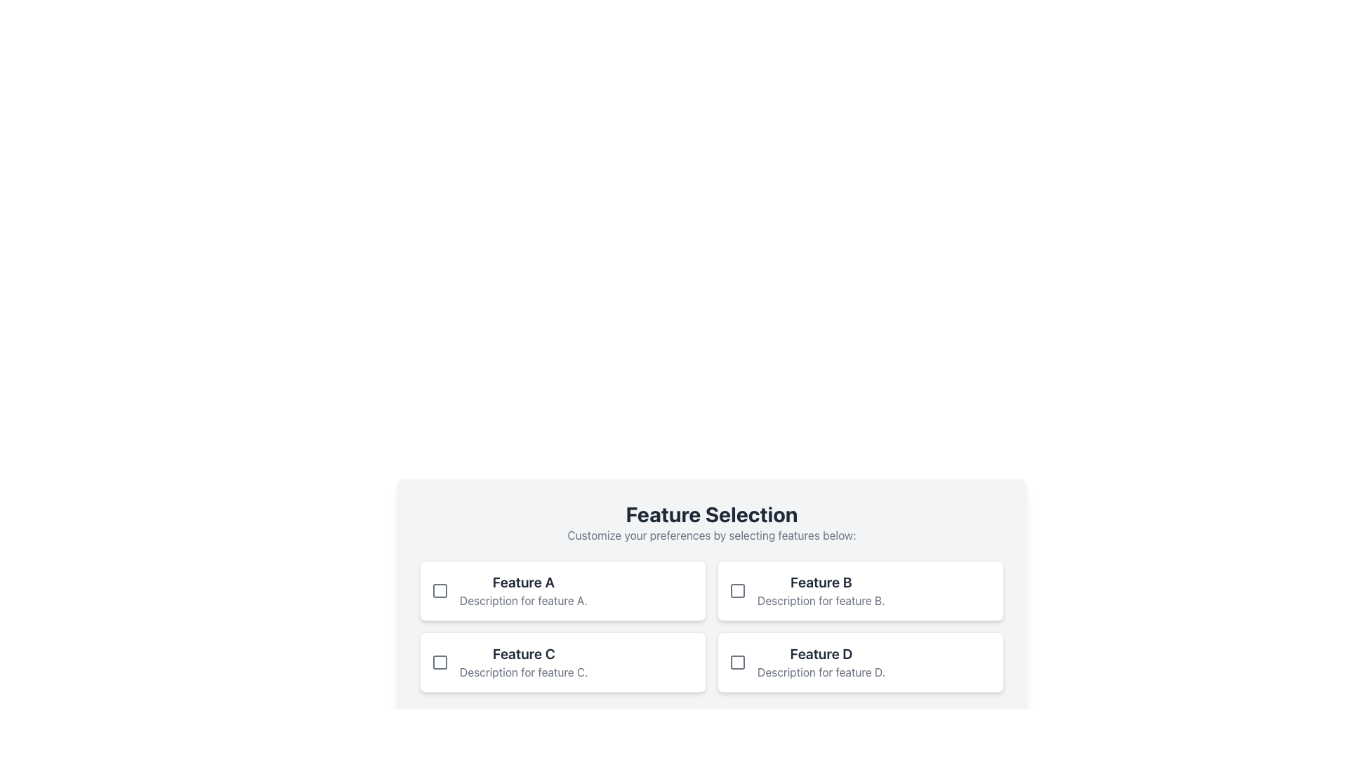  Describe the element at coordinates (821, 654) in the screenshot. I see `the text label 'Feature D' rendered in bold, extra-large dark gray font located on the bottom right card under 'Feature Selection'` at that location.